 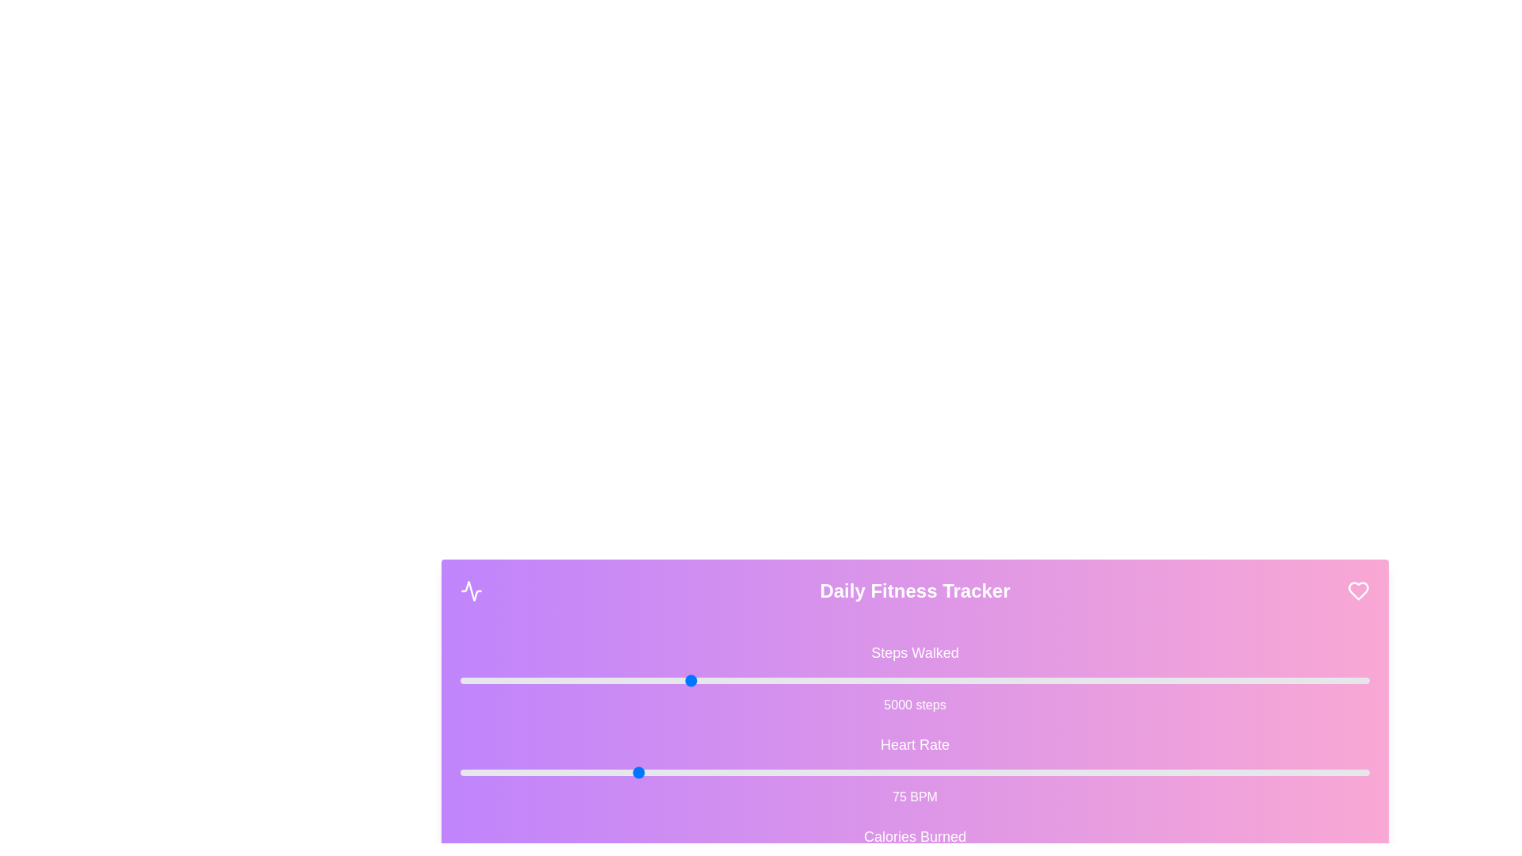 What do you see at coordinates (1096, 772) in the screenshot?
I see `the 'Heart Rate' slider to 141 BPM` at bounding box center [1096, 772].